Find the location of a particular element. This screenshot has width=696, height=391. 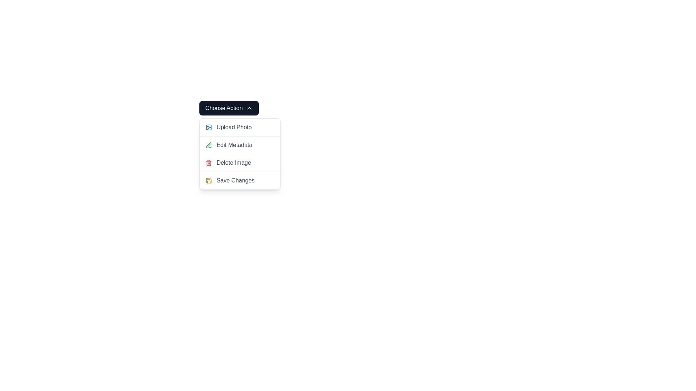

the third option in the 'Choose Action' dropdown menu is located at coordinates (233, 163).